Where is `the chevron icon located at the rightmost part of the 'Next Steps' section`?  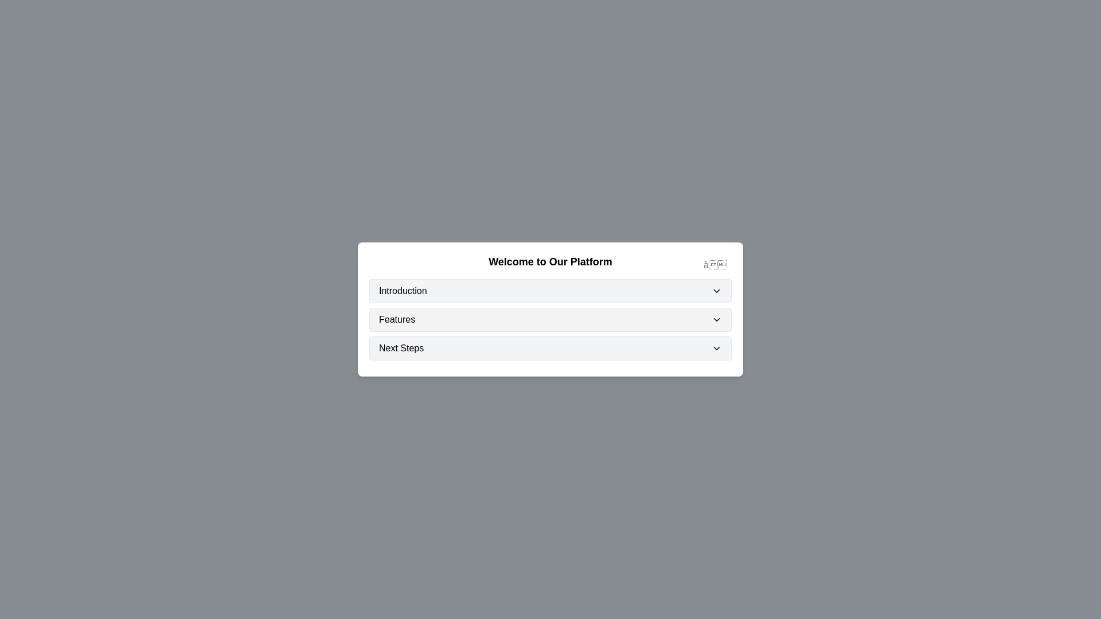 the chevron icon located at the rightmost part of the 'Next Steps' section is located at coordinates (716, 348).